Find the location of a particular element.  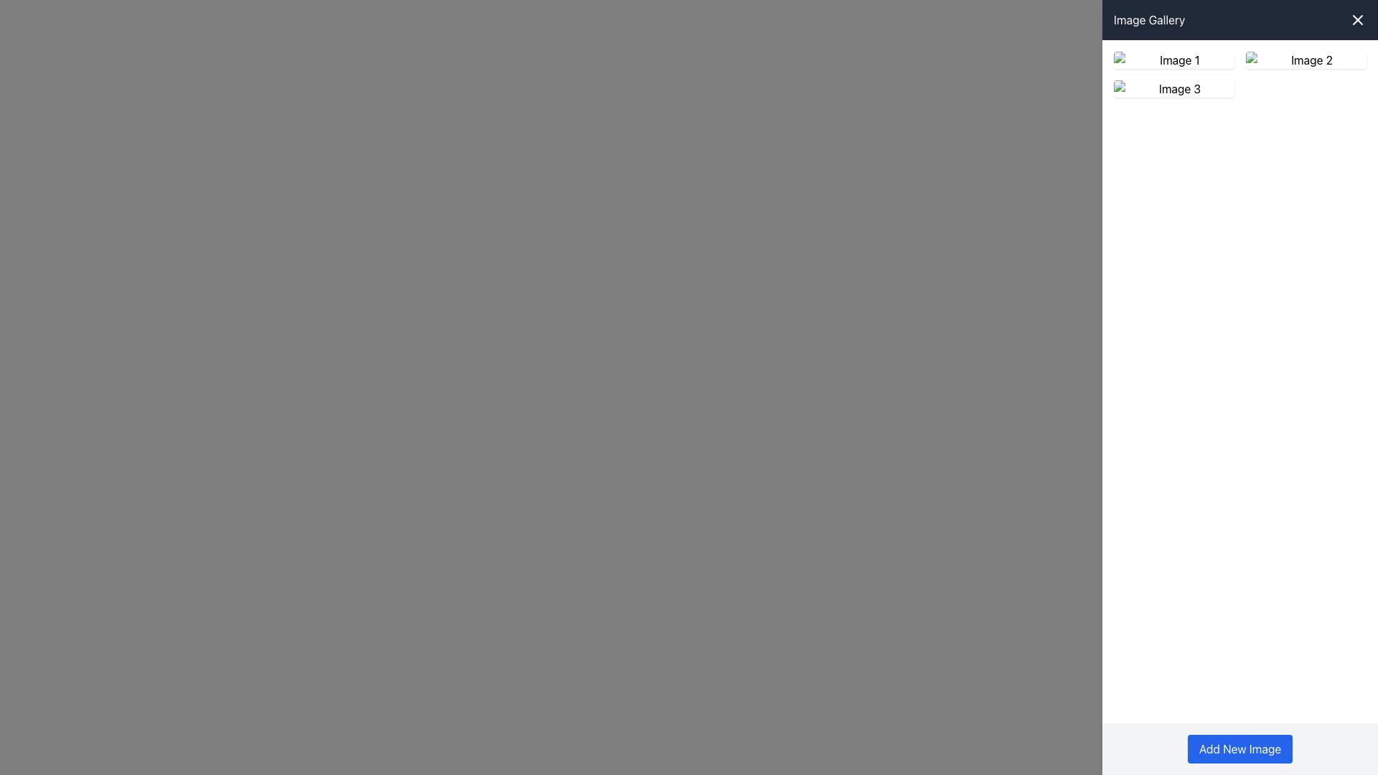

displayed text 'Image Gallery' from the text label in the header bar, which is positioned on the left side and has a bold white font on a dark navy-blue background is located at coordinates (1149, 19).